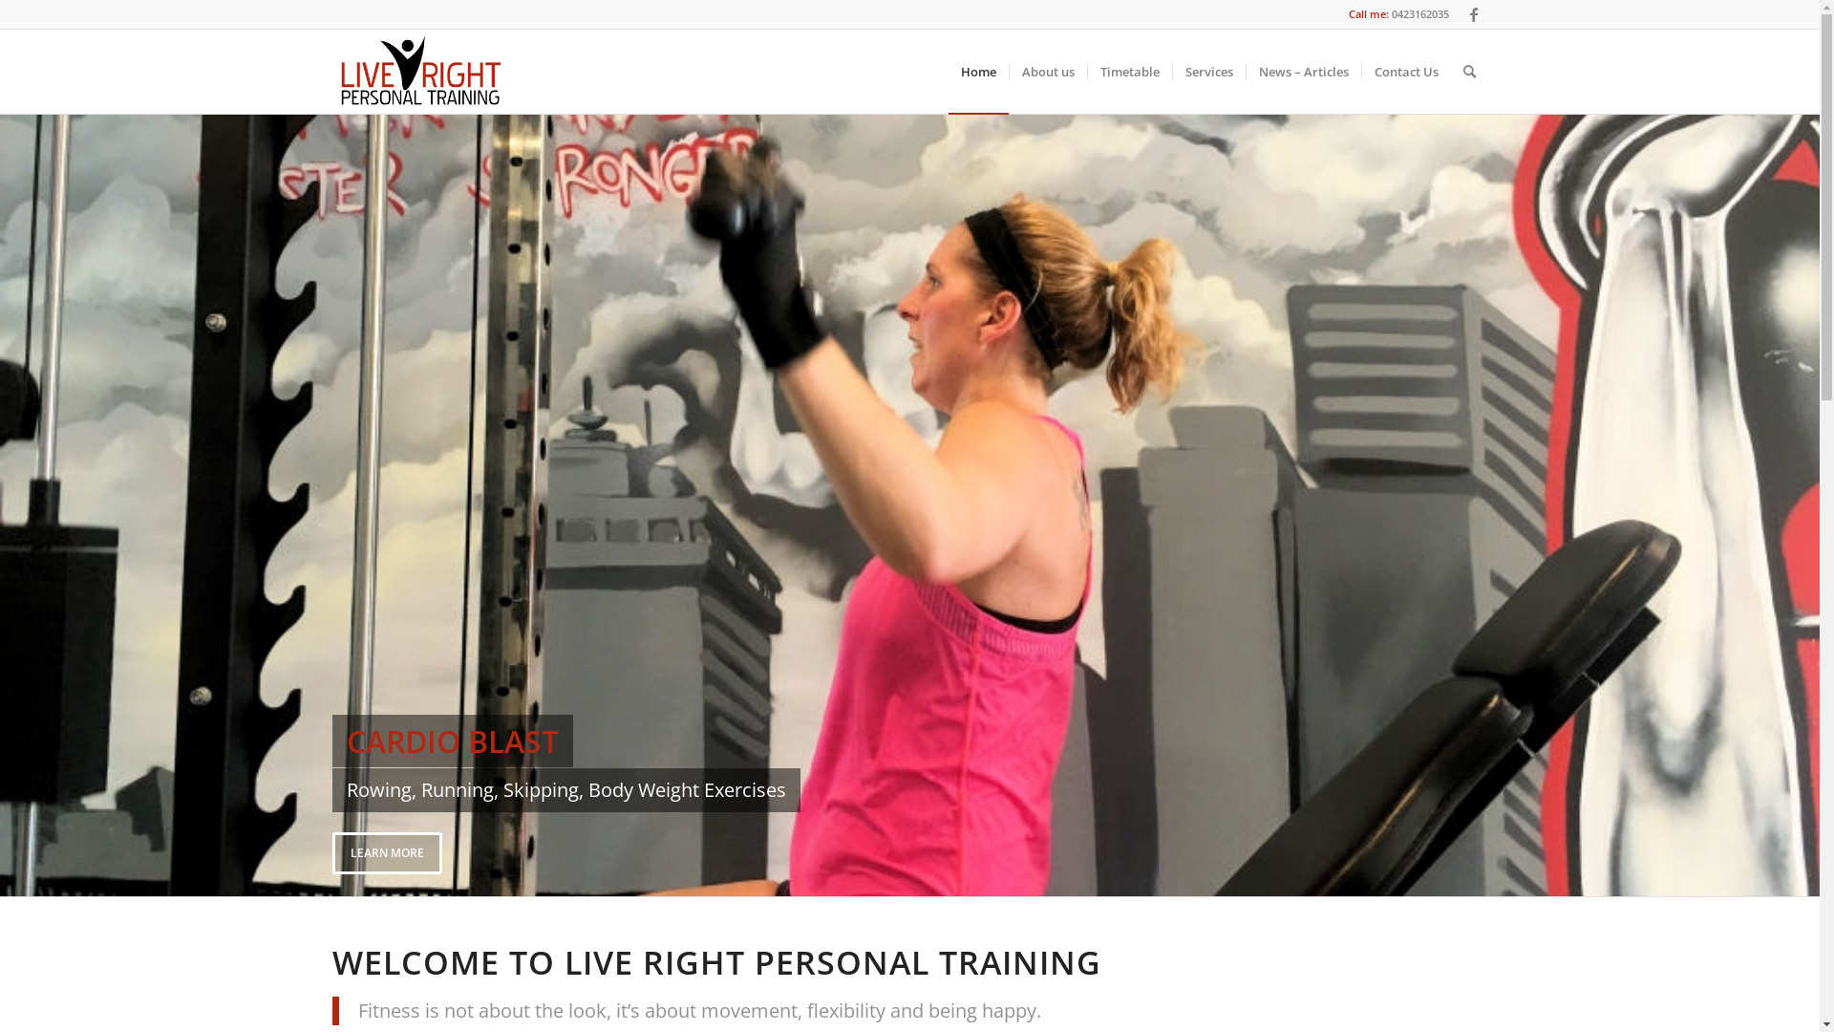 The height and width of the screenshot is (1032, 1834). Describe the element at coordinates (1390, 13) in the screenshot. I see `'0423162035'` at that location.